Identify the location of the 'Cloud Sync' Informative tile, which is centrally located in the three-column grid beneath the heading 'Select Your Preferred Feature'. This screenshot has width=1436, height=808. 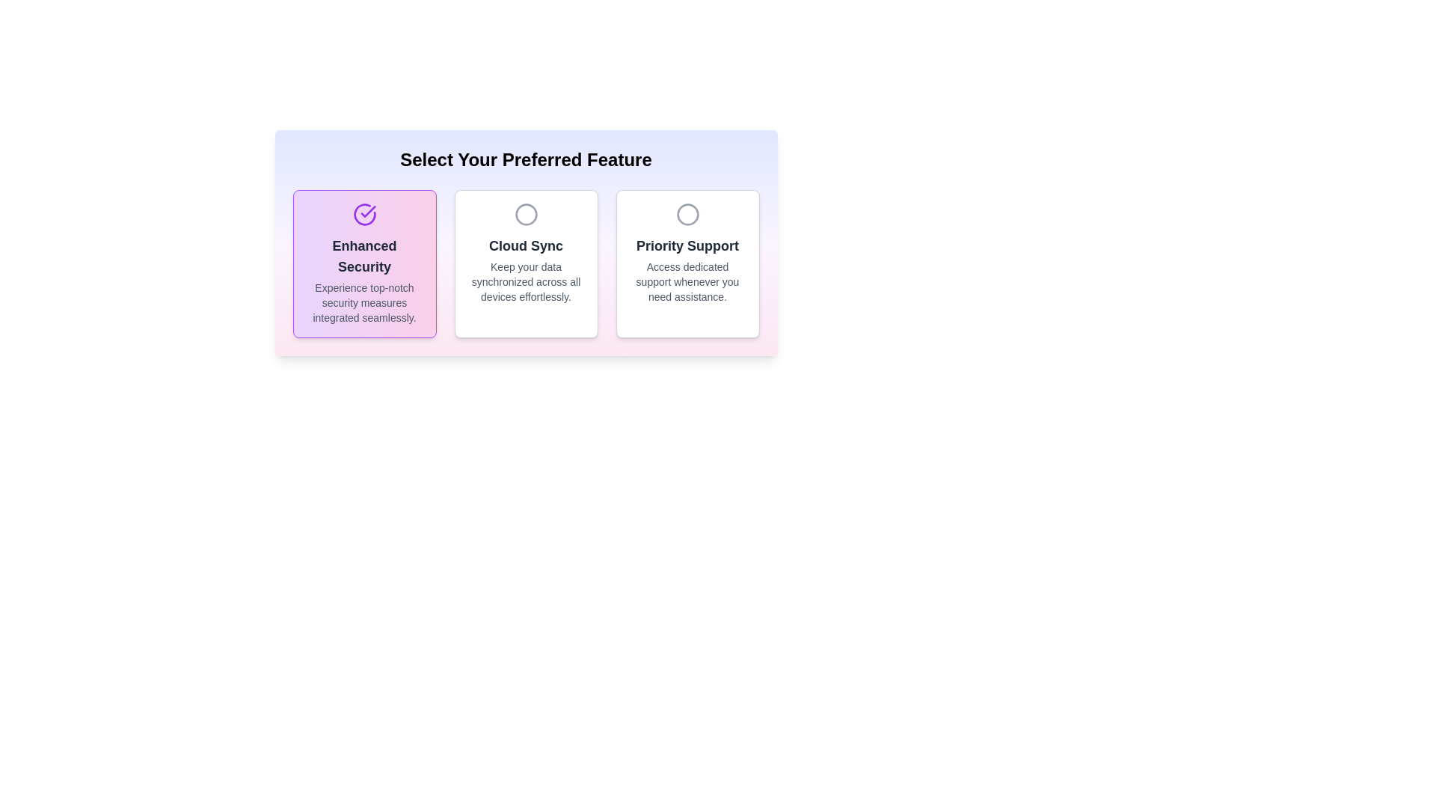
(526, 263).